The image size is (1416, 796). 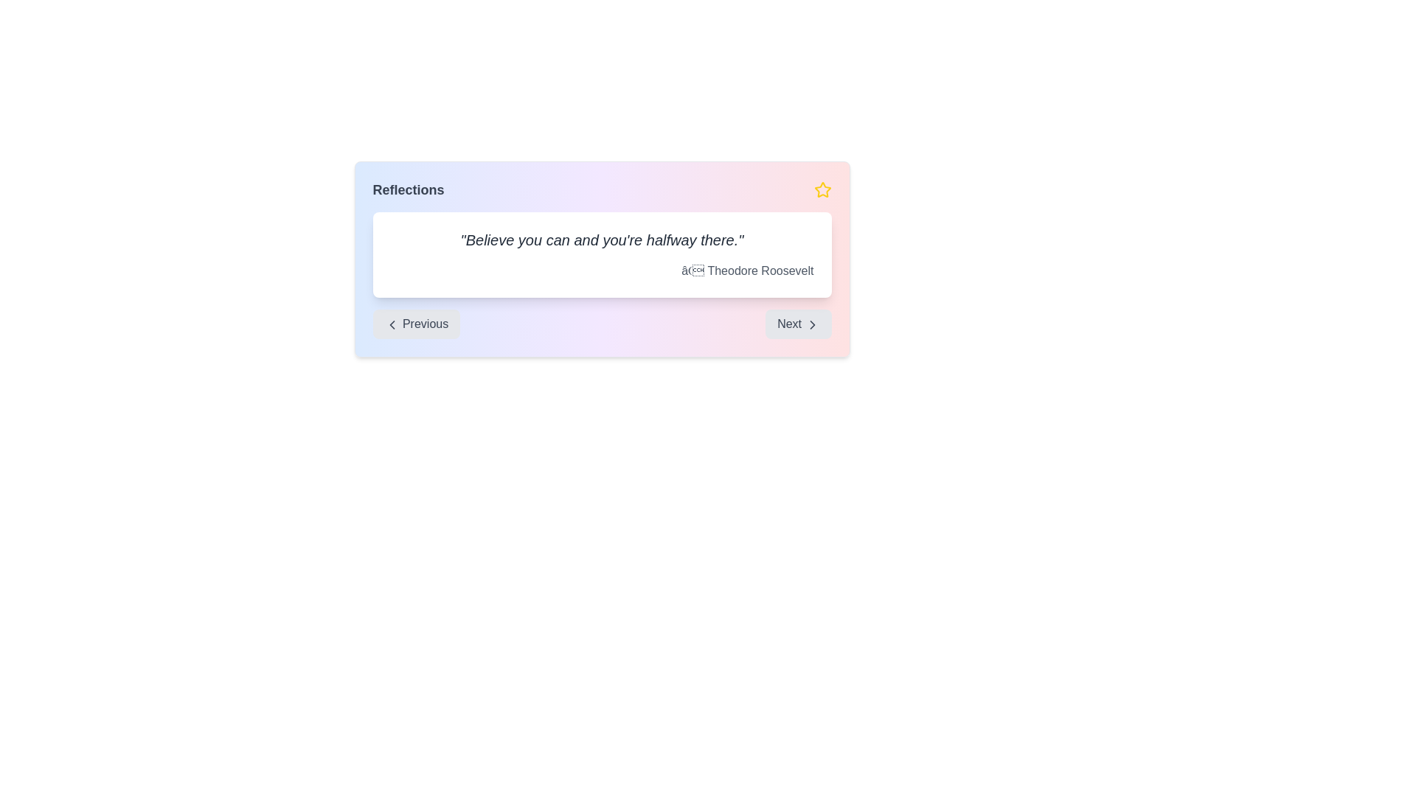 What do you see at coordinates (392, 324) in the screenshot?
I see `the left-pointing chevron arrow icon located in the navigation bar of the card-like component` at bounding box center [392, 324].